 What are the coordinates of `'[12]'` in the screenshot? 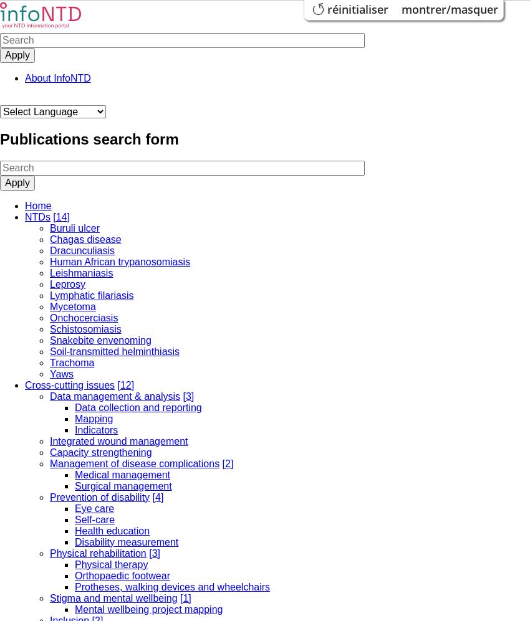 It's located at (125, 384).